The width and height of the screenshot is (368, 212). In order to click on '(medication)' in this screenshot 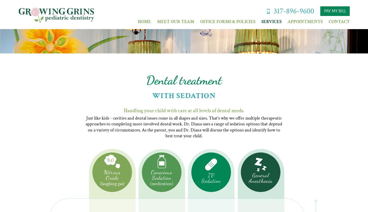, I will do `click(161, 183)`.